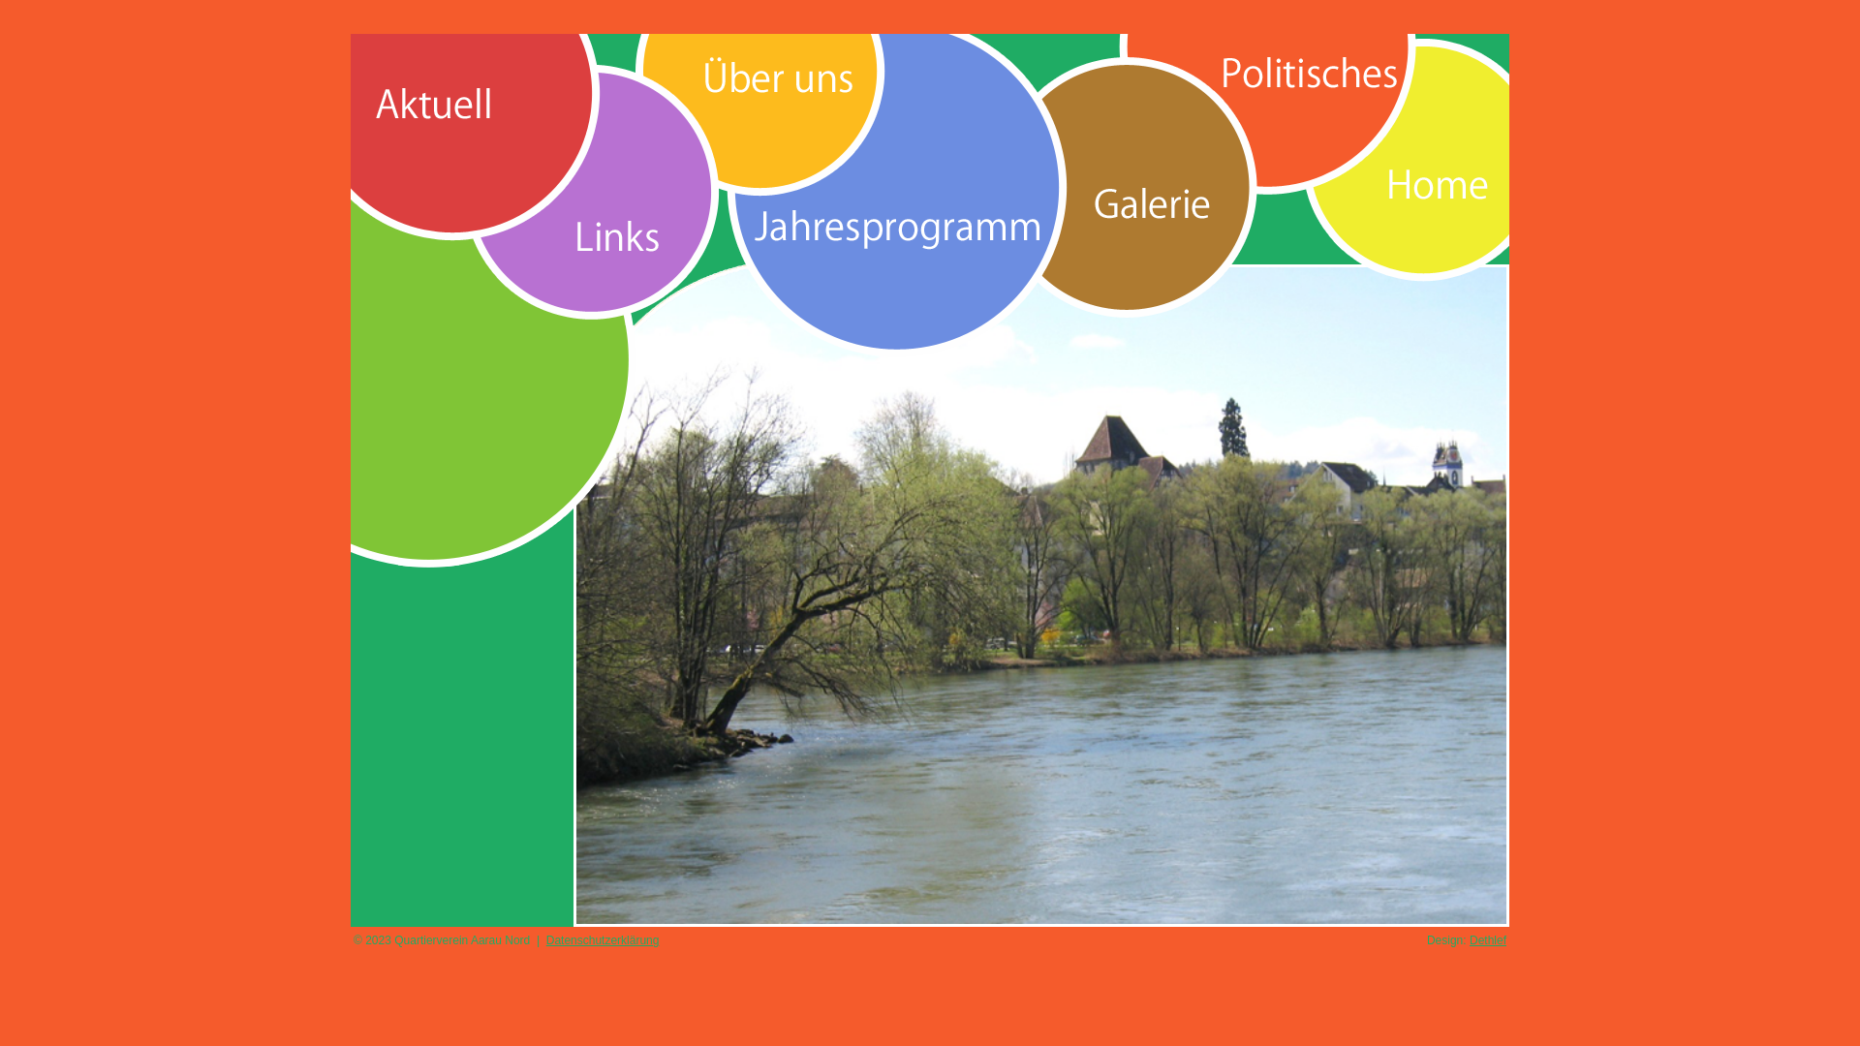 The width and height of the screenshot is (1860, 1046). What do you see at coordinates (1487, 939) in the screenshot?
I see `'Dethlef'` at bounding box center [1487, 939].